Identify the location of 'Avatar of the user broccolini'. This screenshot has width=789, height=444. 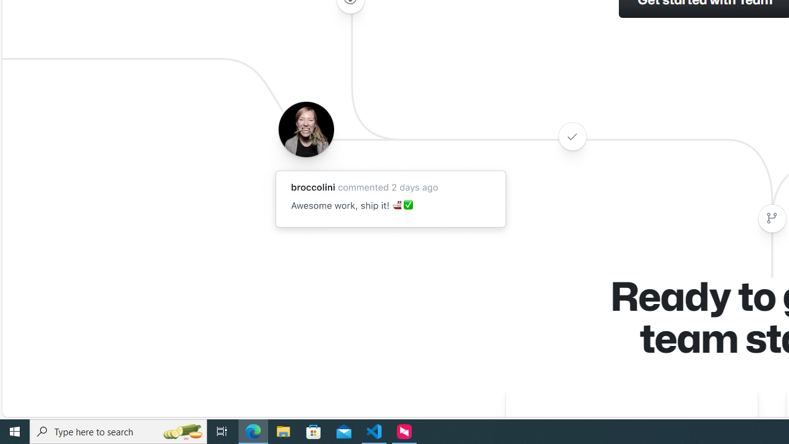
(306, 129).